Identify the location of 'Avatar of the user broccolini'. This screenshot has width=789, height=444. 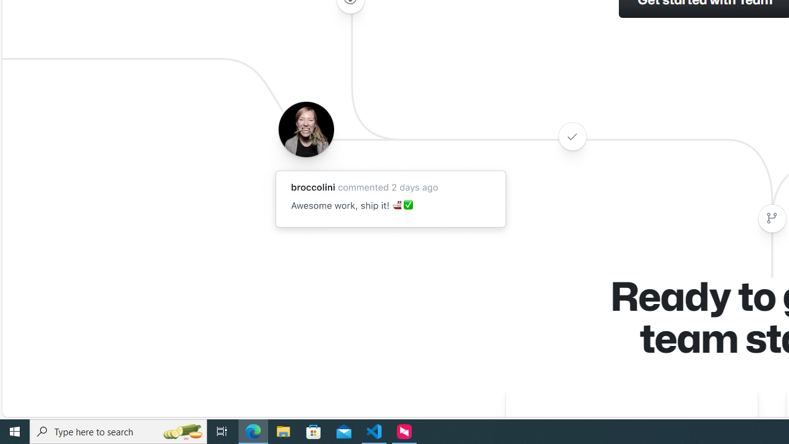
(306, 129).